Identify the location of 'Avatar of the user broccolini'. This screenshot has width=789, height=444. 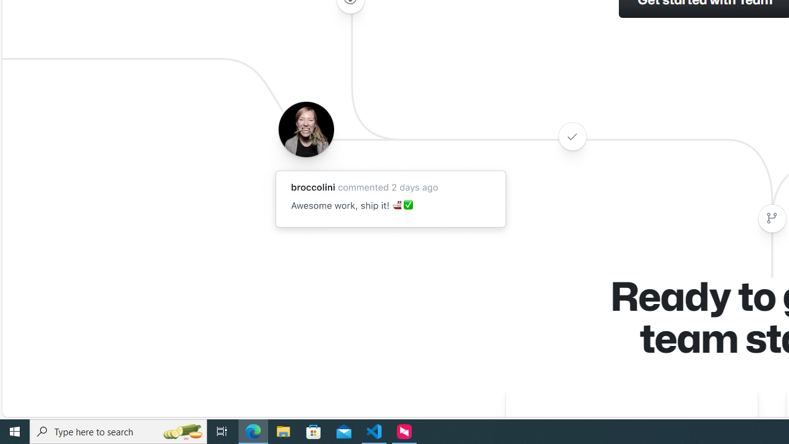
(306, 129).